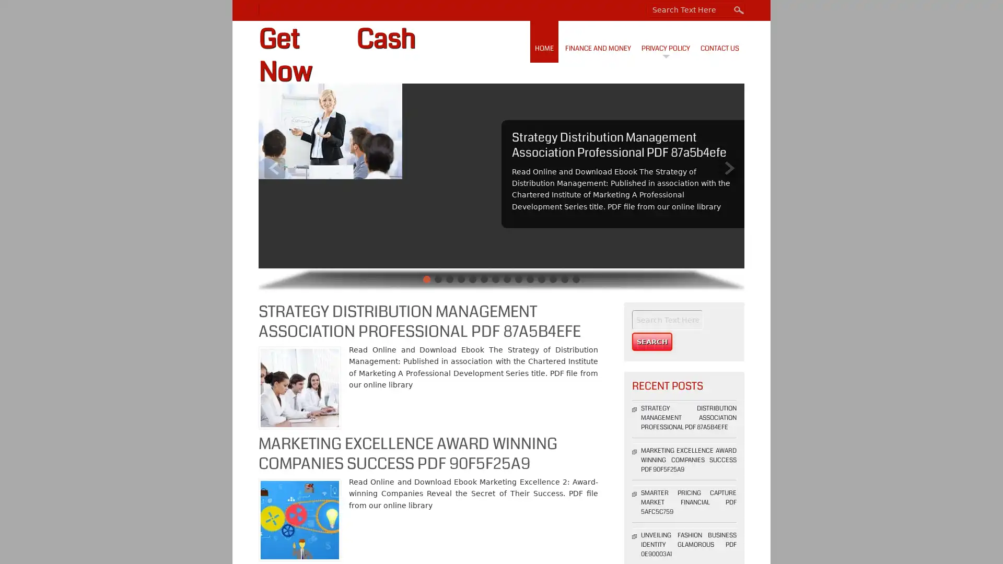 The image size is (1003, 564). What do you see at coordinates (651, 342) in the screenshot?
I see `Search` at bounding box center [651, 342].